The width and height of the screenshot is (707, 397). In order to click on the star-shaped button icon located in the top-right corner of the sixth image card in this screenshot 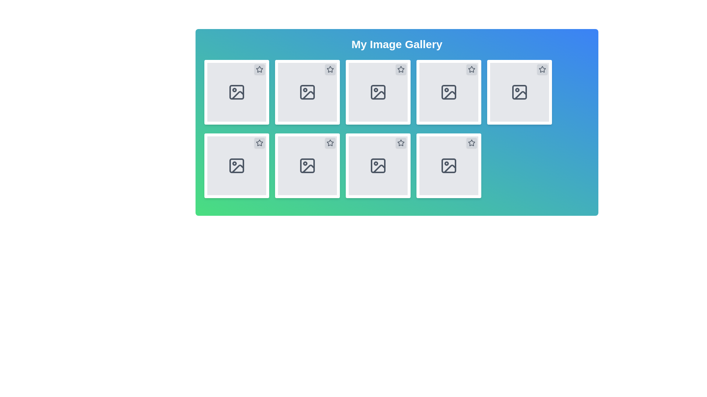, I will do `click(401, 143)`.